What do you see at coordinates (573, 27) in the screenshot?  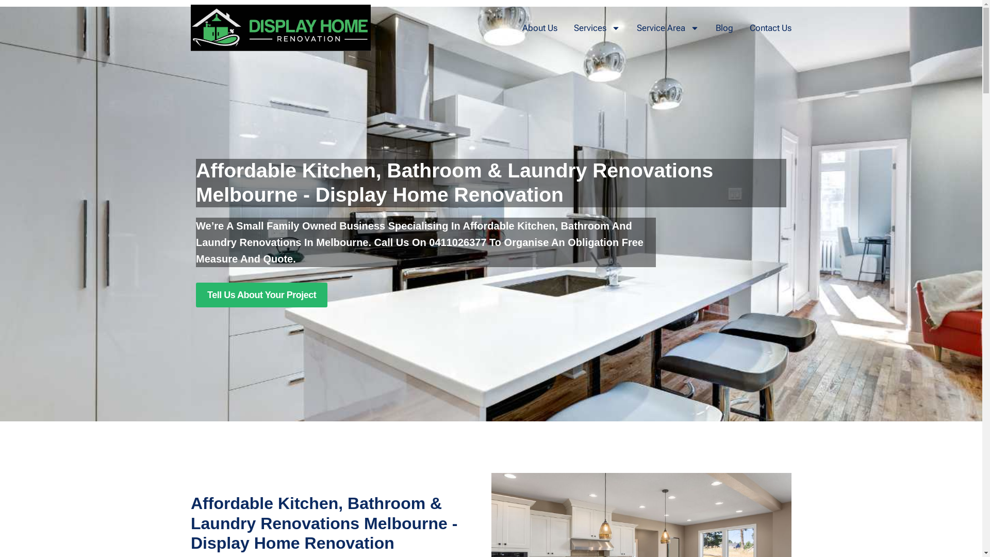 I see `'Services'` at bounding box center [573, 27].